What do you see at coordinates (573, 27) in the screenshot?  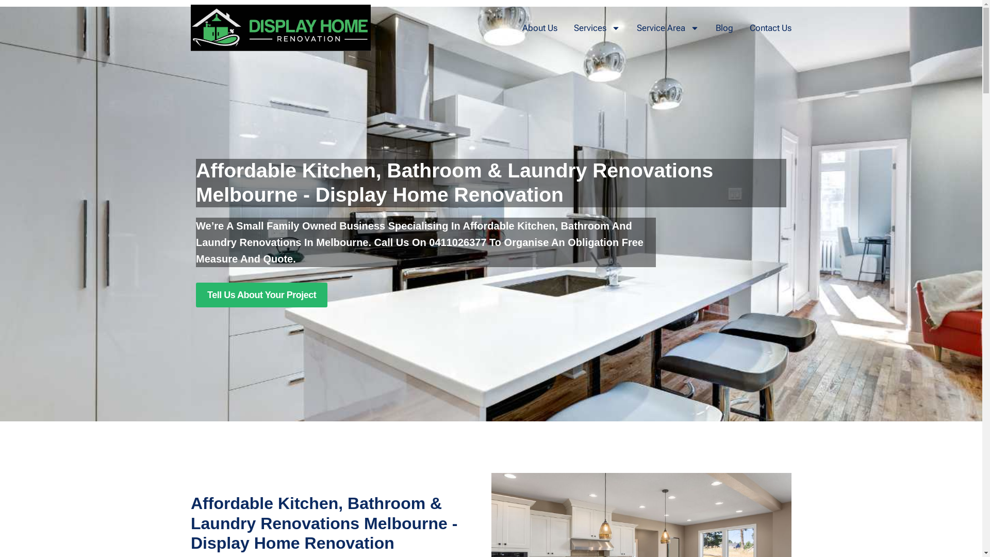 I see `'Services'` at bounding box center [573, 27].